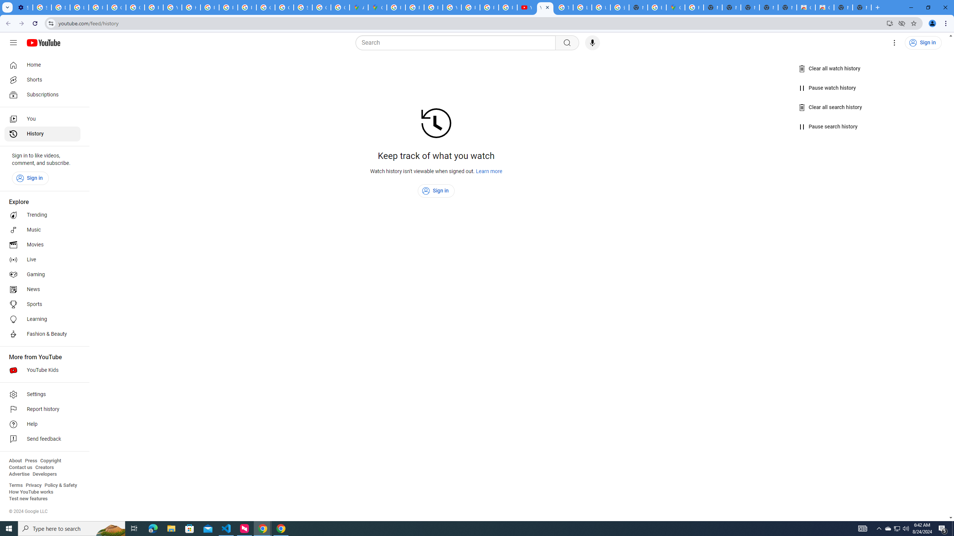 The height and width of the screenshot is (536, 954). What do you see at coordinates (527, 7) in the screenshot?
I see `'YouTube'` at bounding box center [527, 7].